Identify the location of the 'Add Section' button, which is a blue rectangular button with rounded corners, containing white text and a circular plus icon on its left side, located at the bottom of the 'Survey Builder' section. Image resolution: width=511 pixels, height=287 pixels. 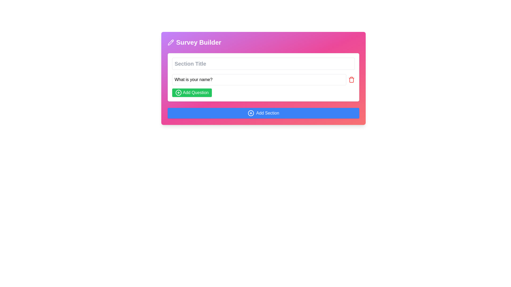
(263, 113).